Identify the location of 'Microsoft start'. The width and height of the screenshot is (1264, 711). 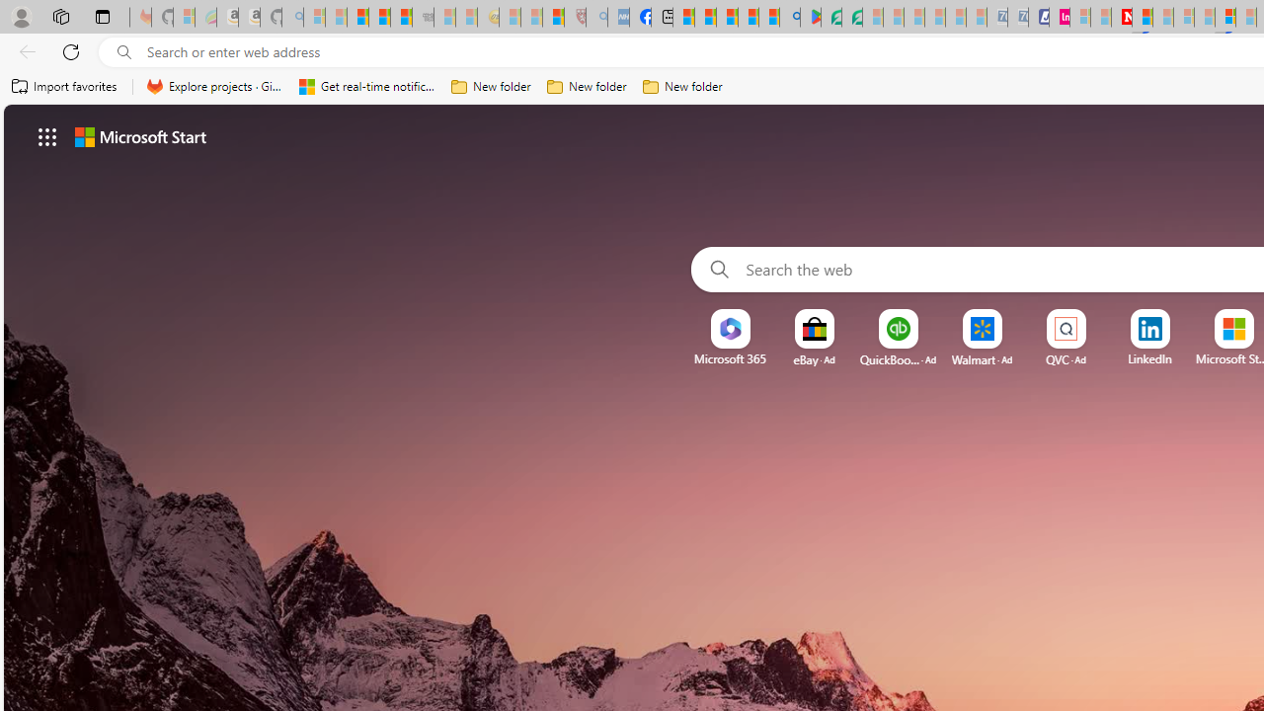
(139, 135).